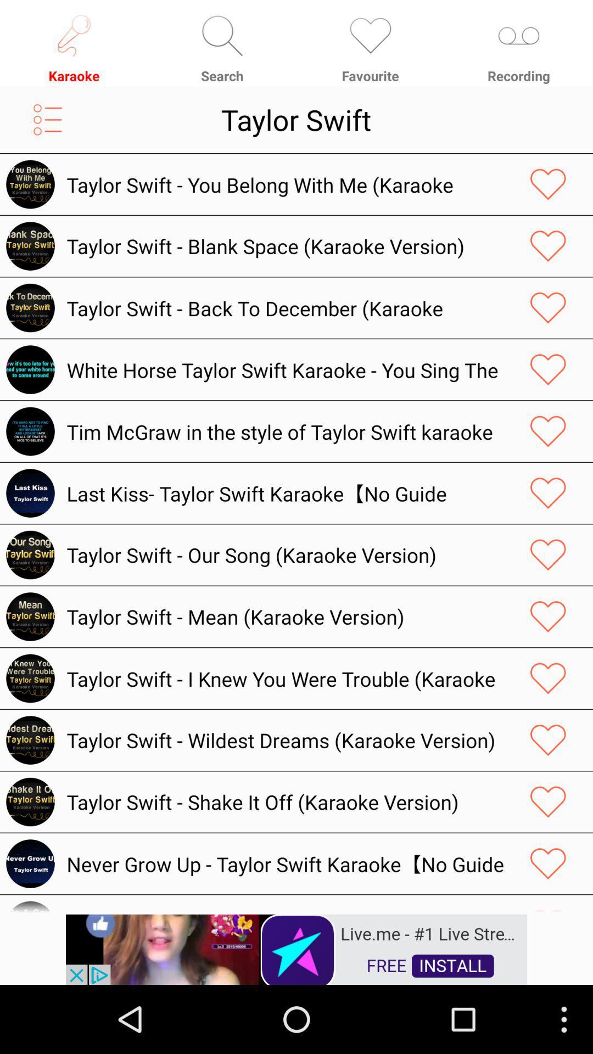 The image size is (593, 1054). I want to click on advertisement, so click(296, 948).